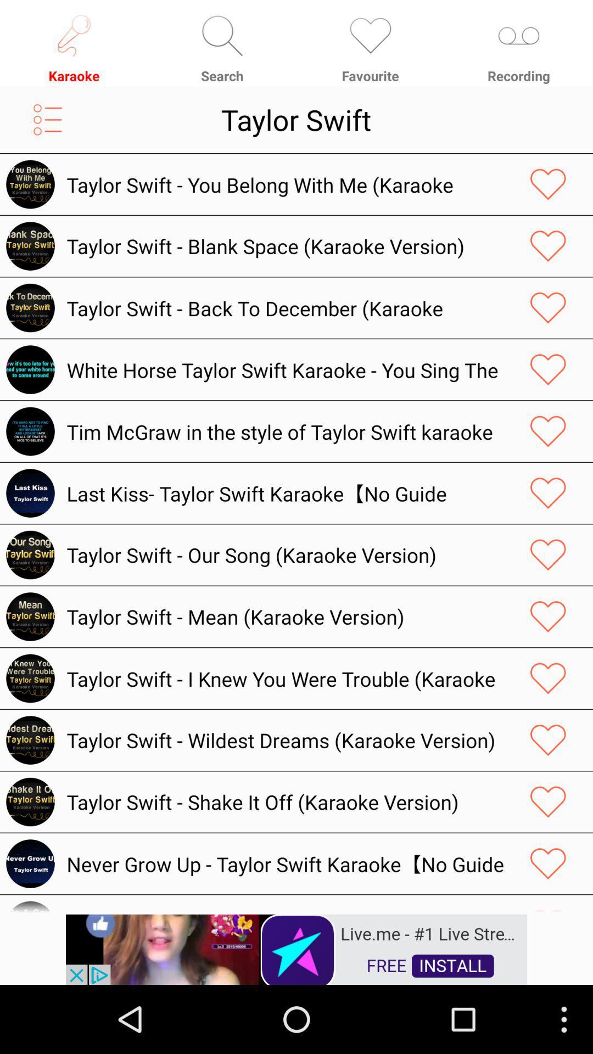 The image size is (593, 1054). I want to click on advertisement, so click(296, 948).